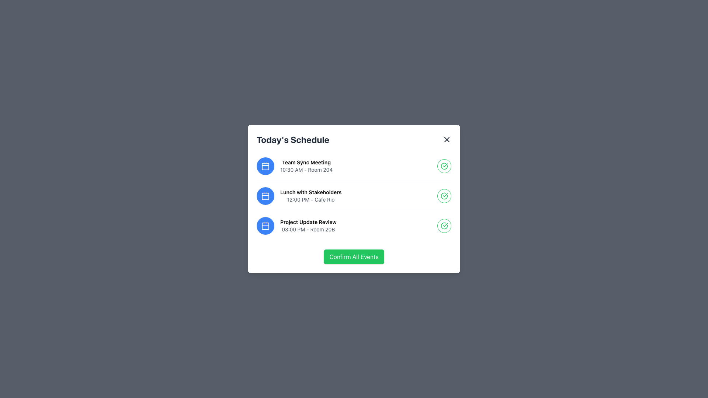 Image resolution: width=708 pixels, height=398 pixels. What do you see at coordinates (308, 226) in the screenshot?
I see `text content of the third event in the list of scheduled events, which summarizes a meeting with its title, time, and location` at bounding box center [308, 226].